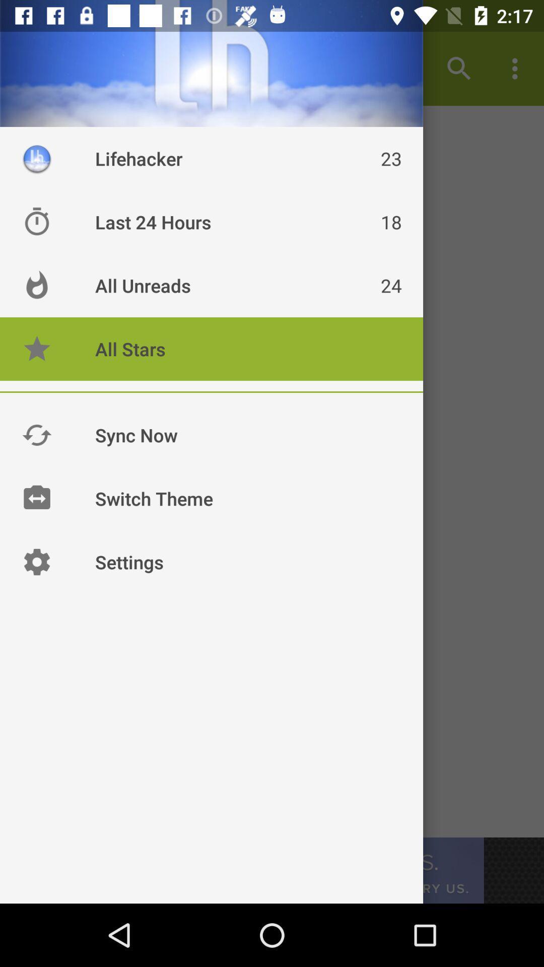  What do you see at coordinates (36, 349) in the screenshot?
I see `the star icon` at bounding box center [36, 349].